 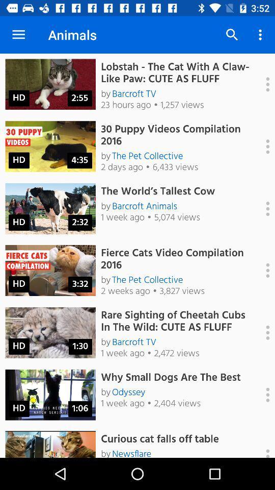 I want to click on open options, so click(x=262, y=208).